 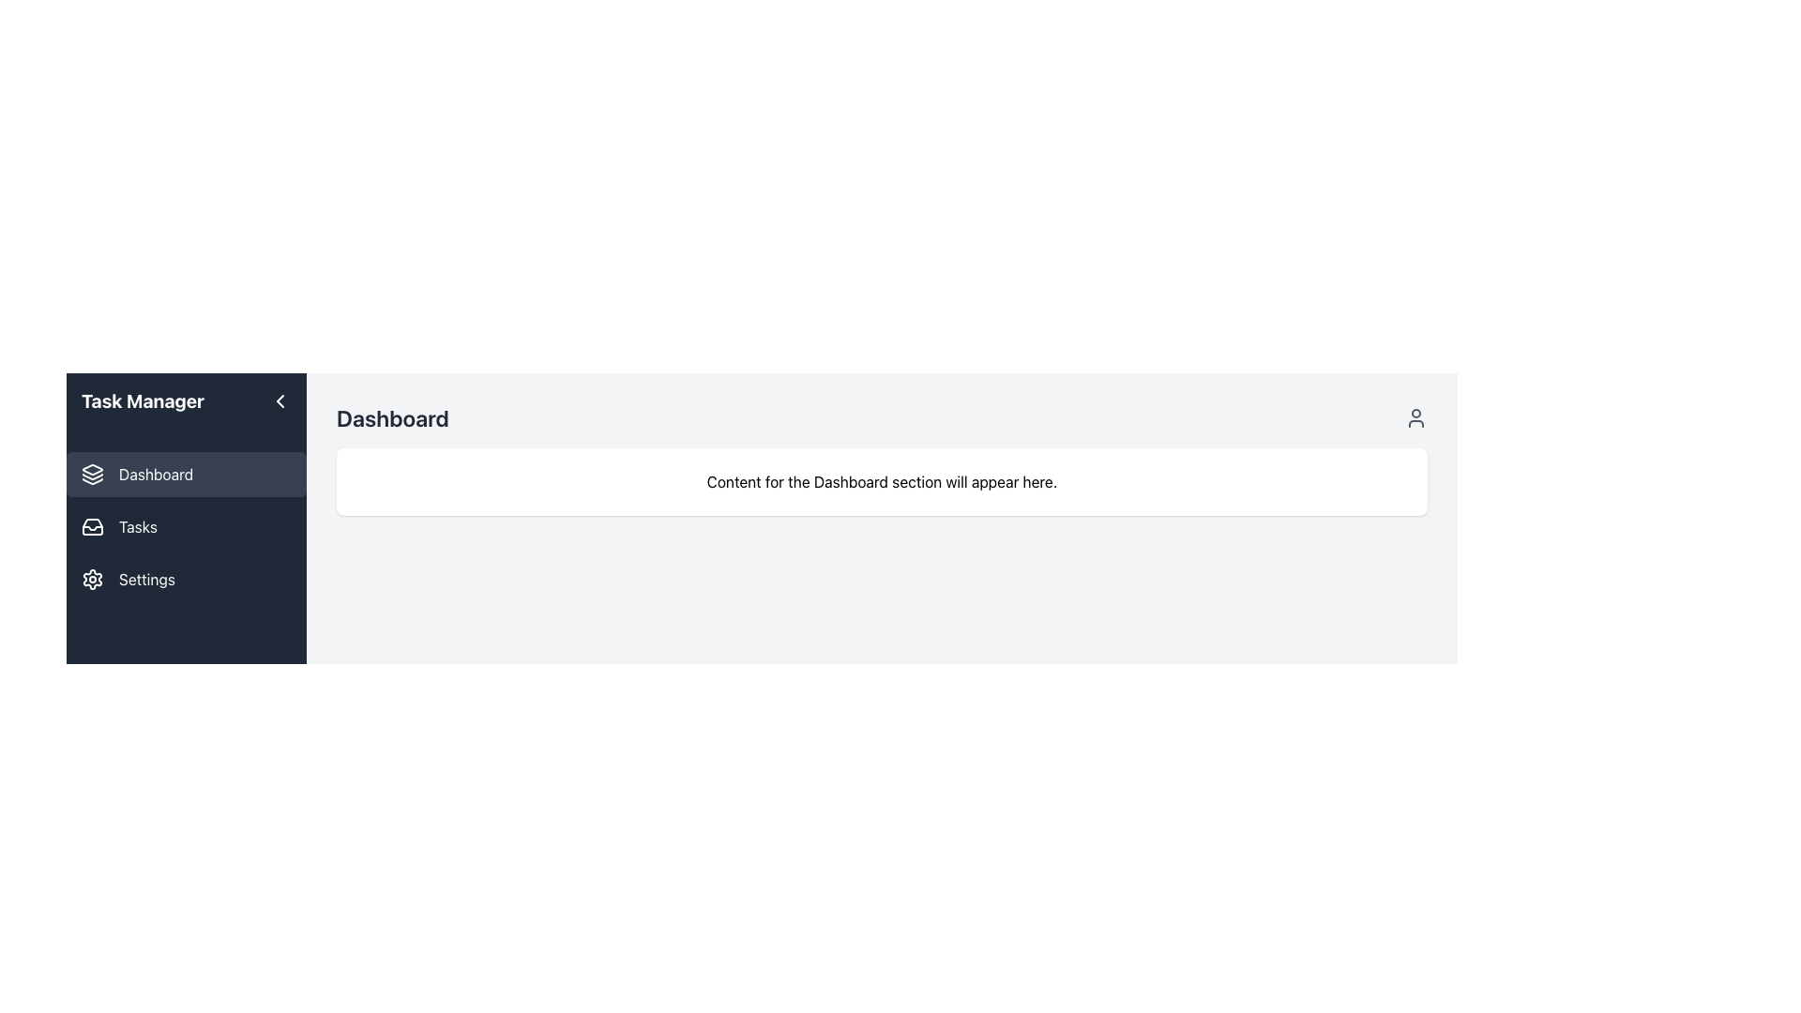 I want to click on the left-pointing chevron icon button located in the top right corner of the sidebar header, adjacent to the 'Task Manager' title text, so click(x=279, y=401).